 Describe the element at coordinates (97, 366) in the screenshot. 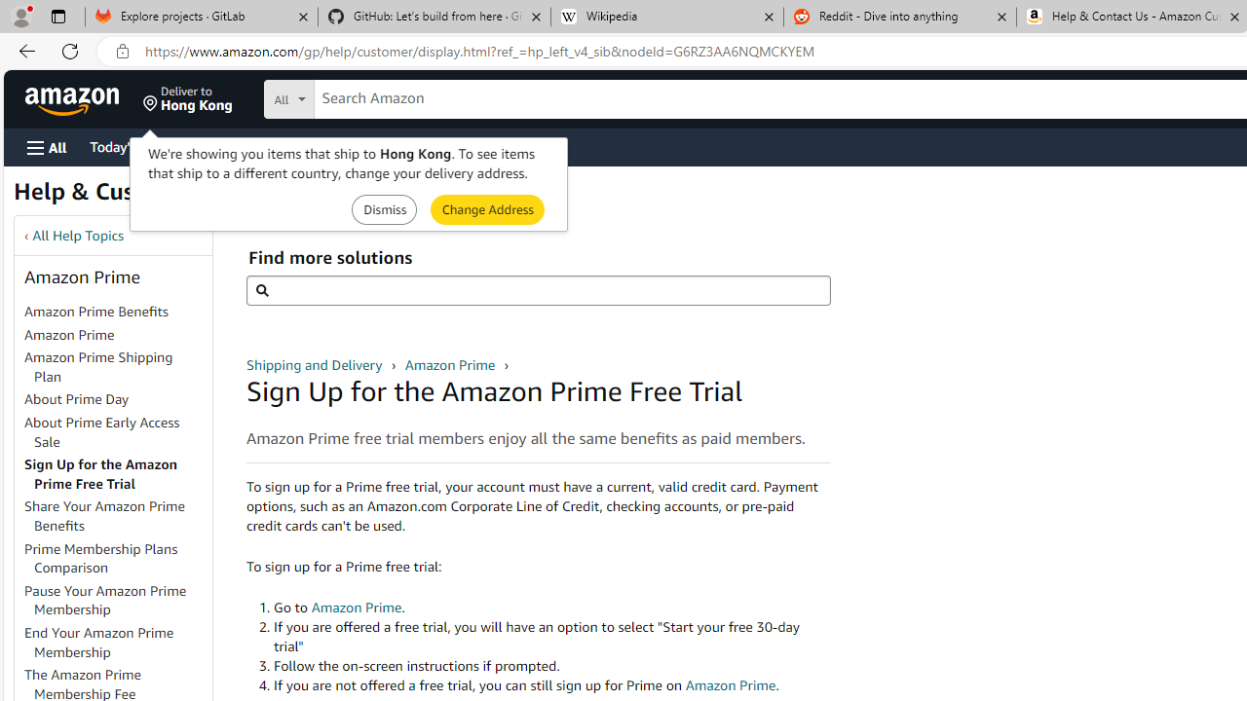

I see `'Amazon Prime Shipping Plan'` at that location.